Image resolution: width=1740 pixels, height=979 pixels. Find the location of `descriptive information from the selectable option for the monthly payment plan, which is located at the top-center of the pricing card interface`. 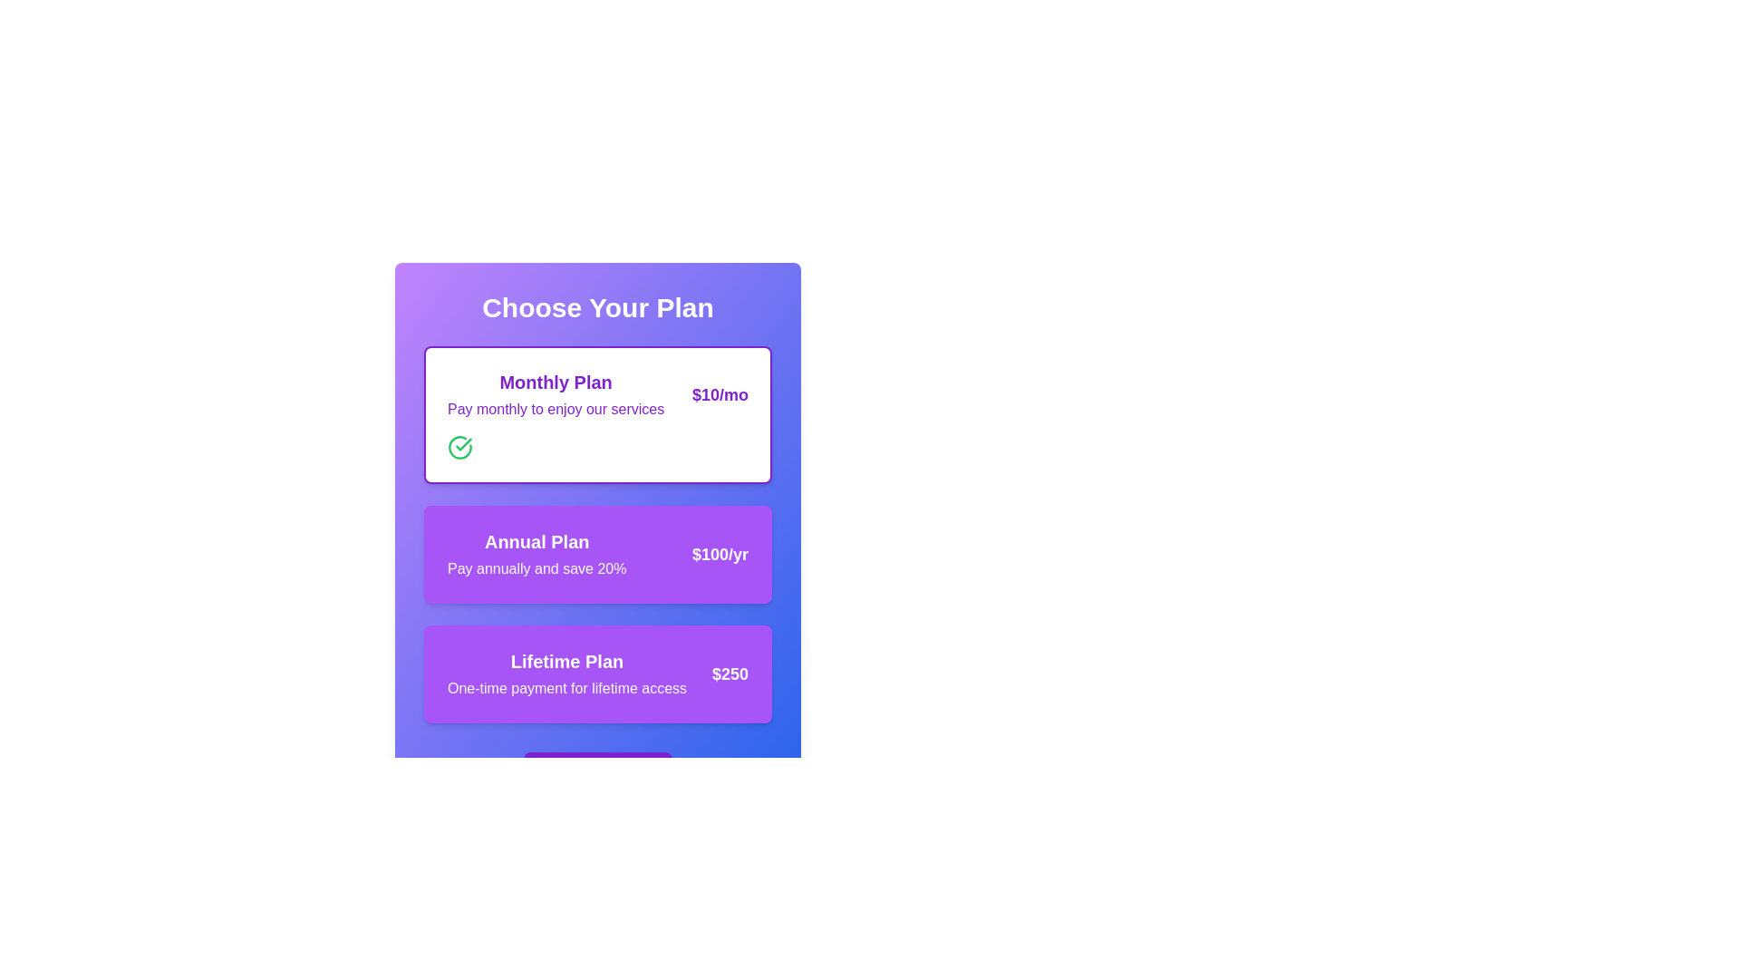

descriptive information from the selectable option for the monthly payment plan, which is located at the top-center of the pricing card interface is located at coordinates (598, 393).